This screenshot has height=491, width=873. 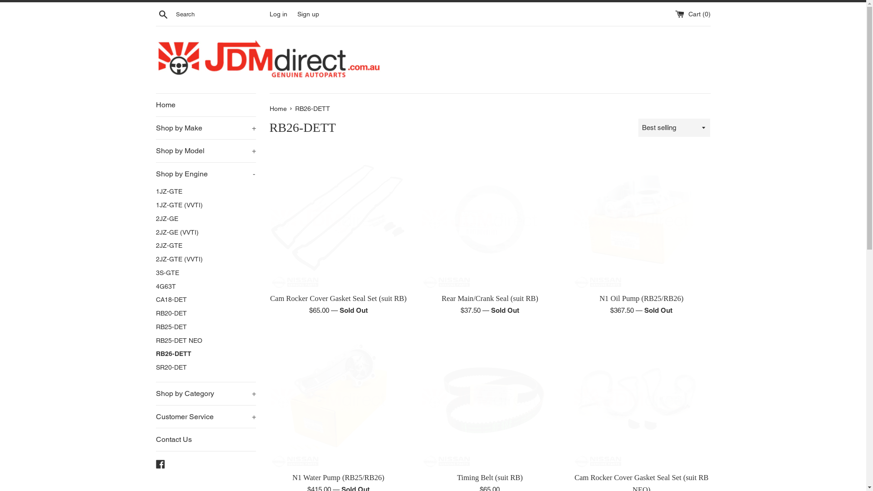 What do you see at coordinates (489, 298) in the screenshot?
I see `'Rear Main/Crank Seal (suit RB)'` at bounding box center [489, 298].